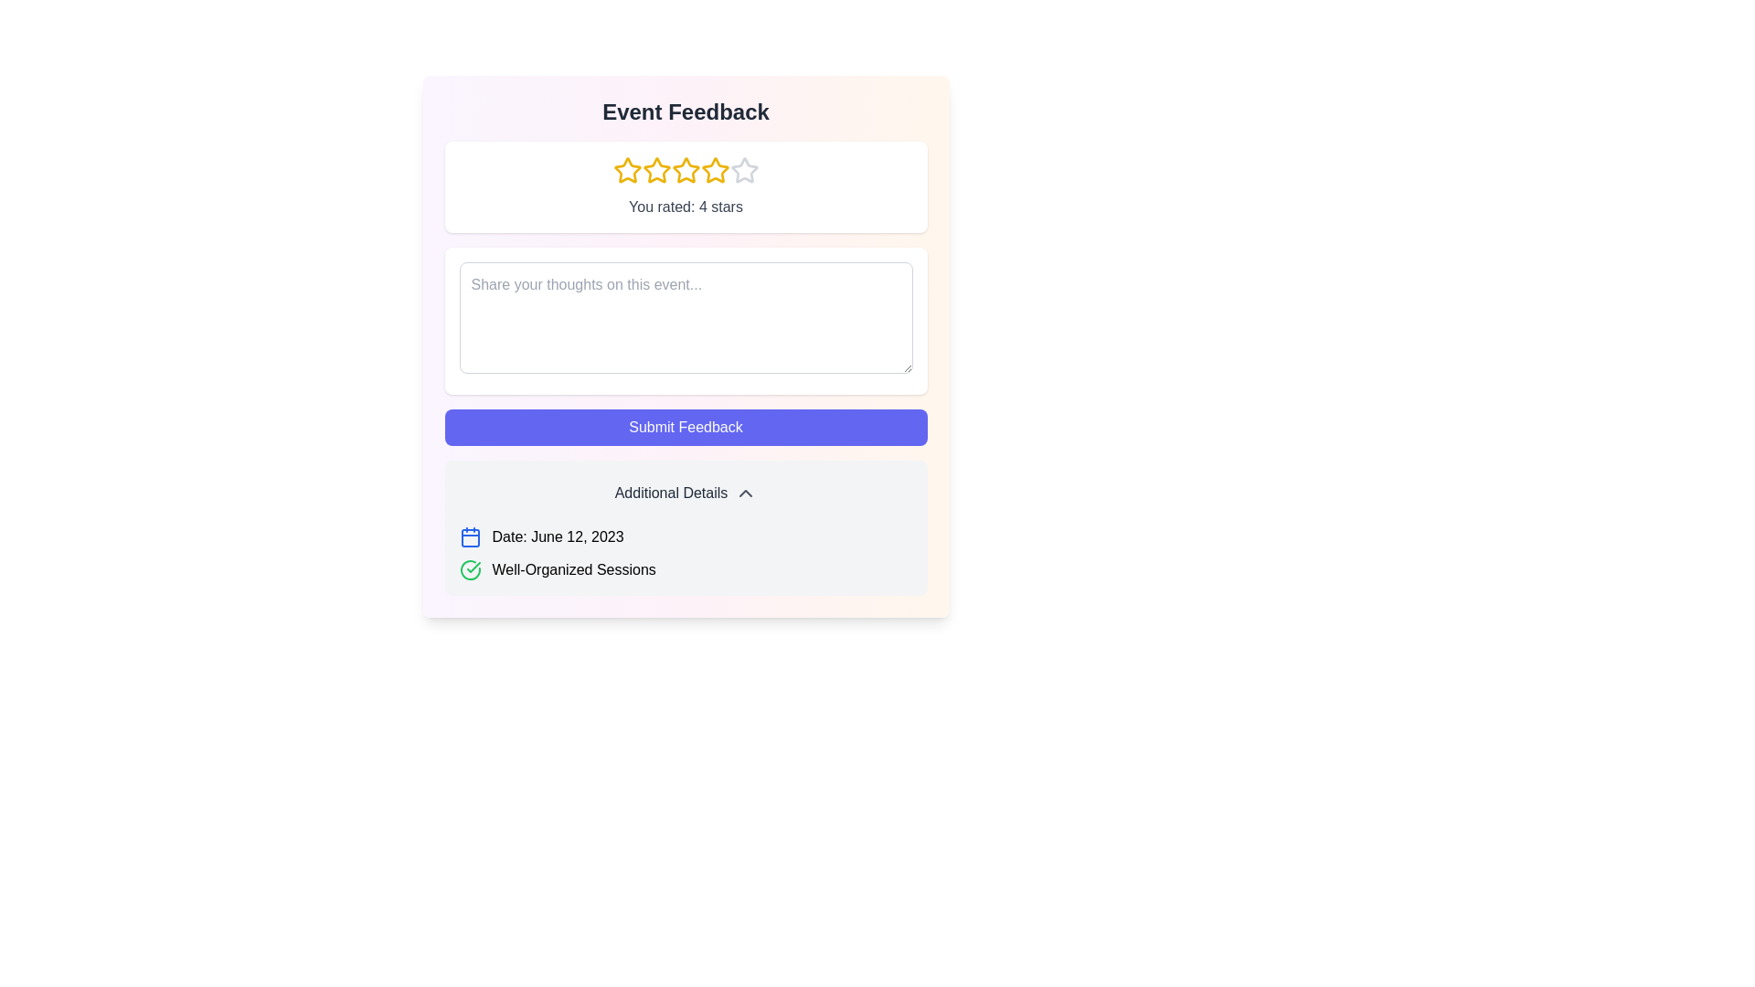 The height and width of the screenshot is (987, 1755). Describe the element at coordinates (685, 170) in the screenshot. I see `the fourth star icon in the rating system, located just below the 'Event Feedback' title` at that location.